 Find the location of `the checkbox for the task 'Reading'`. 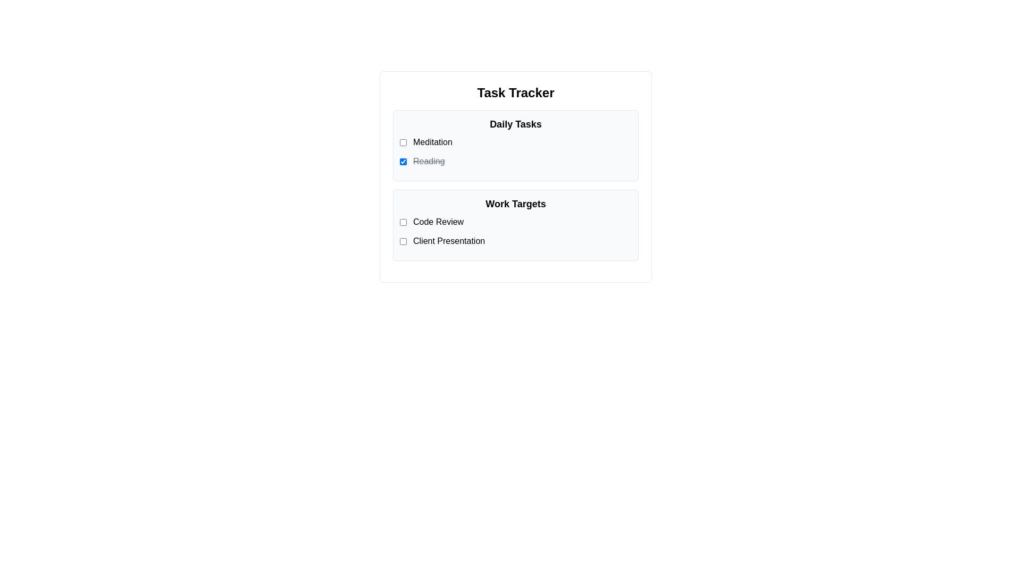

the checkbox for the task 'Reading' is located at coordinates (403, 162).